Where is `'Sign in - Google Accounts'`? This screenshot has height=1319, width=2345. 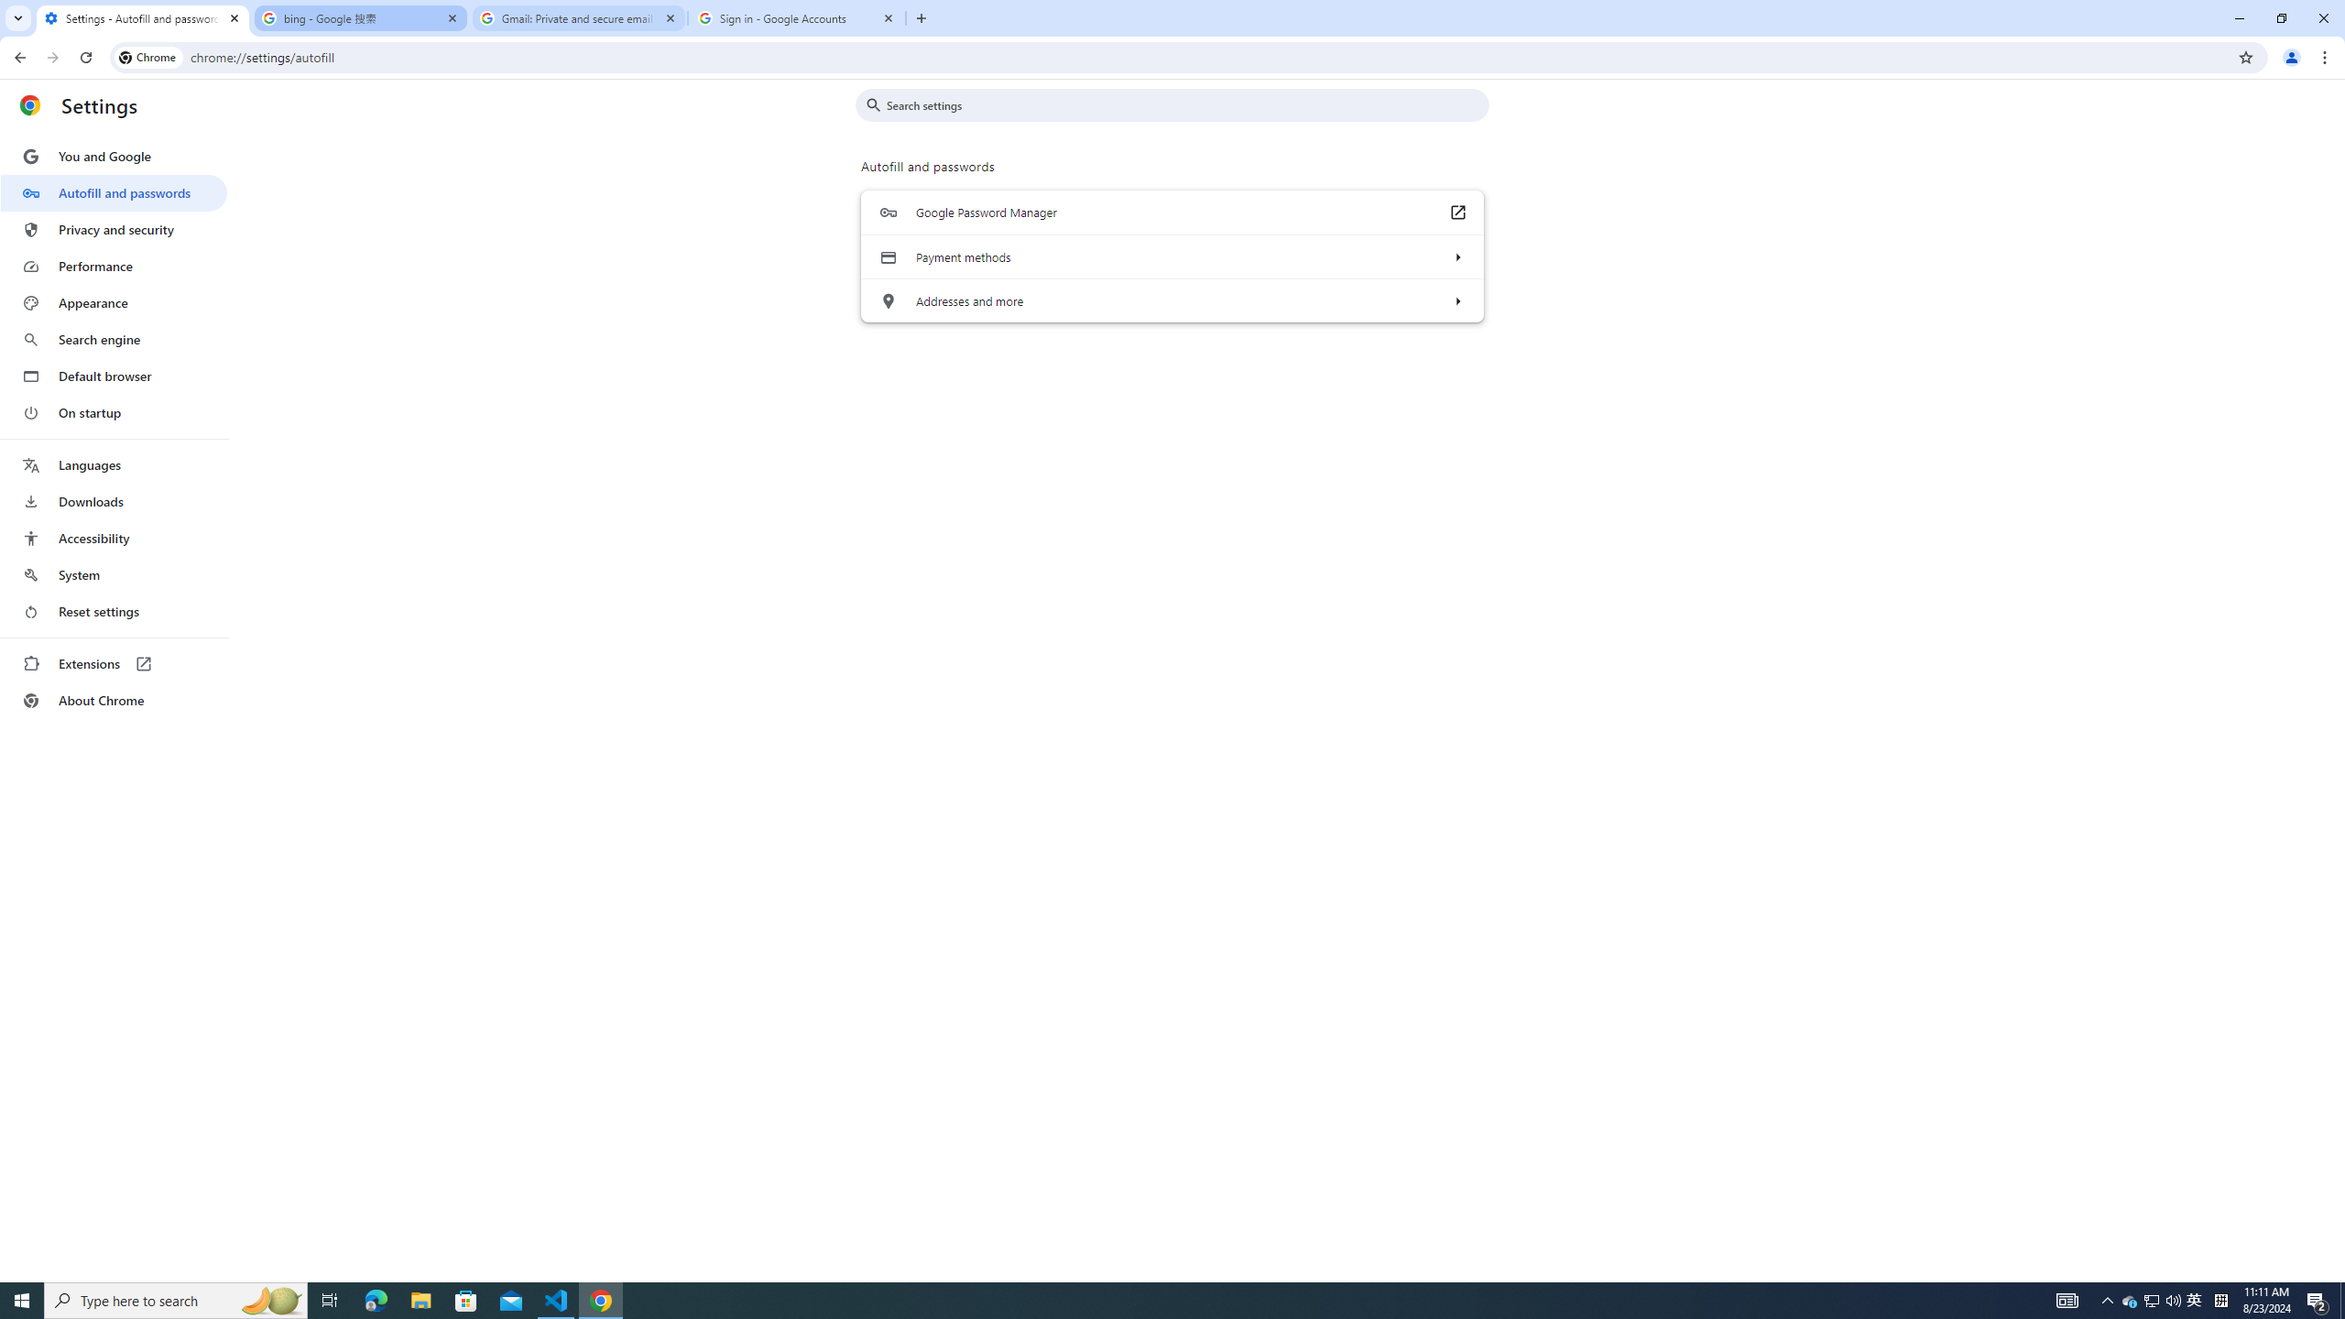 'Sign in - Google Accounts' is located at coordinates (796, 17).